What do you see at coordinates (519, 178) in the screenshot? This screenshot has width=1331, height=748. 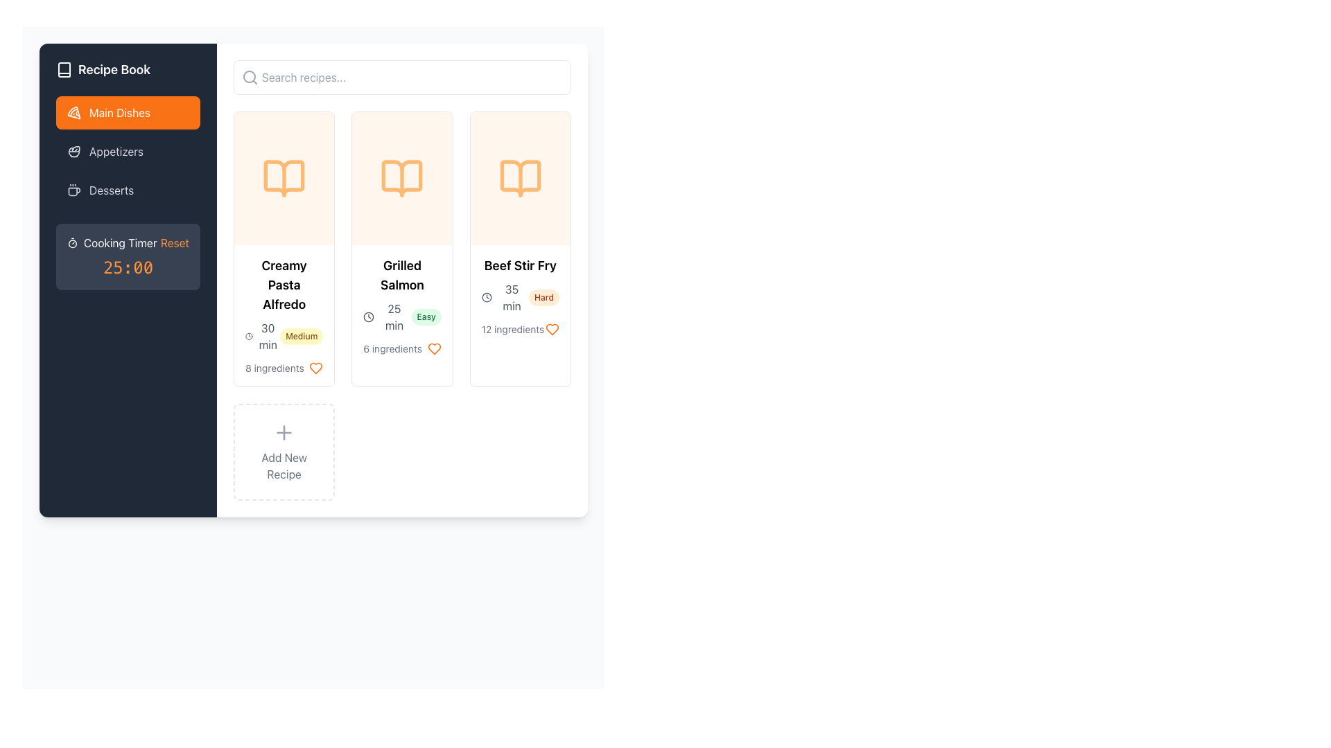 I see `the recipe-related icon located in the third card from the left in the horizontally arranged list of recipe cards` at bounding box center [519, 178].